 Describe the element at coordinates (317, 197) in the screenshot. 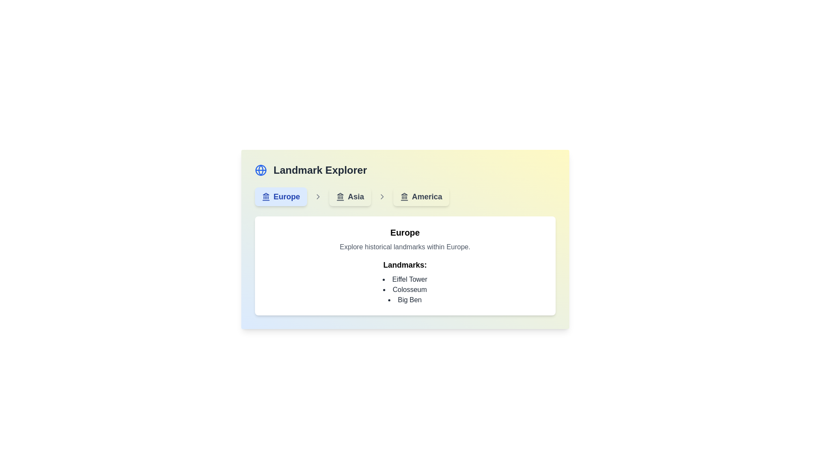

I see `the chevron icon located between the 'Europe' and 'Asia' buttons` at that location.